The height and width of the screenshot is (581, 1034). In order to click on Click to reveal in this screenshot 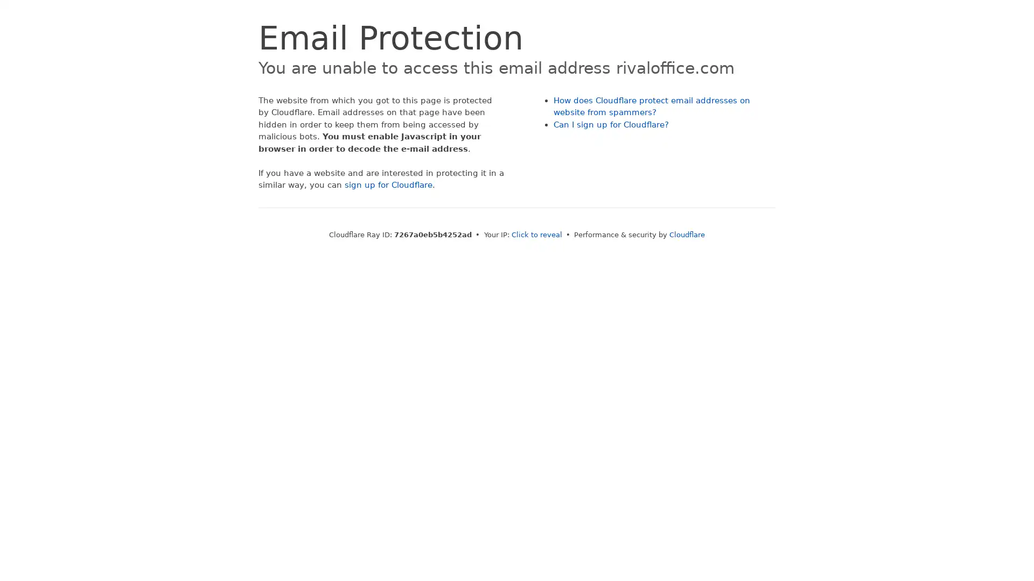, I will do `click(536, 233)`.